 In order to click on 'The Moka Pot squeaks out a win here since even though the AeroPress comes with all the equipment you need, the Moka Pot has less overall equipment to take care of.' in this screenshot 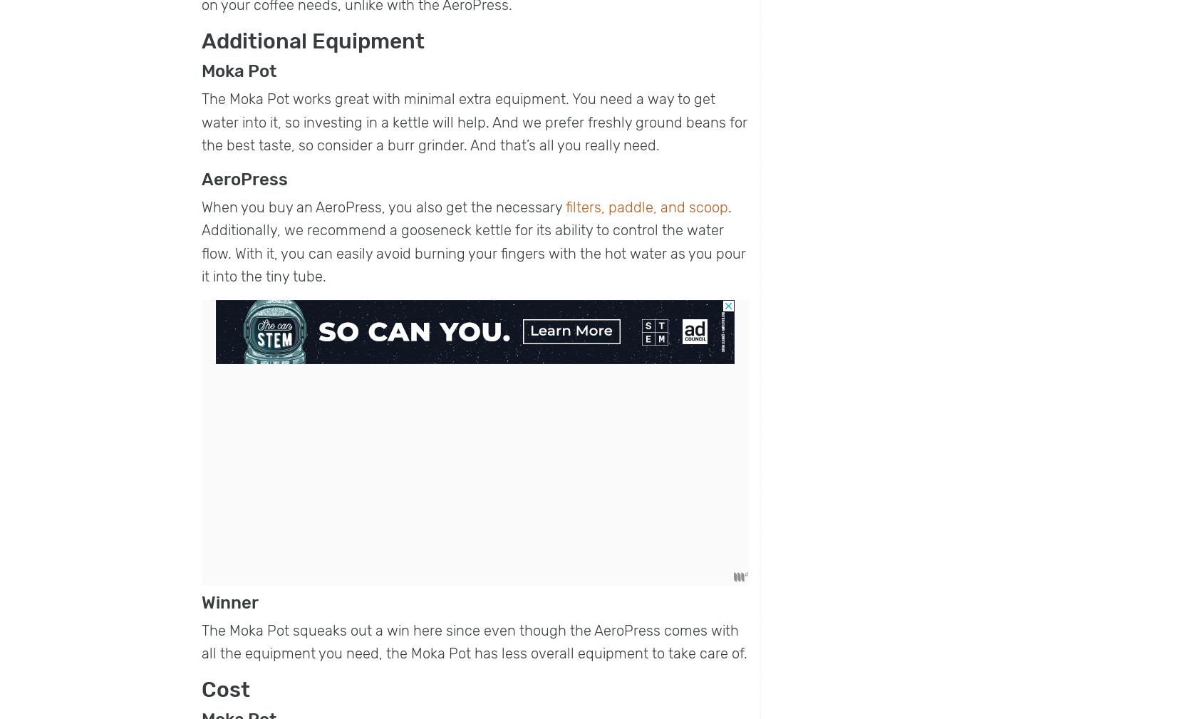, I will do `click(475, 641)`.